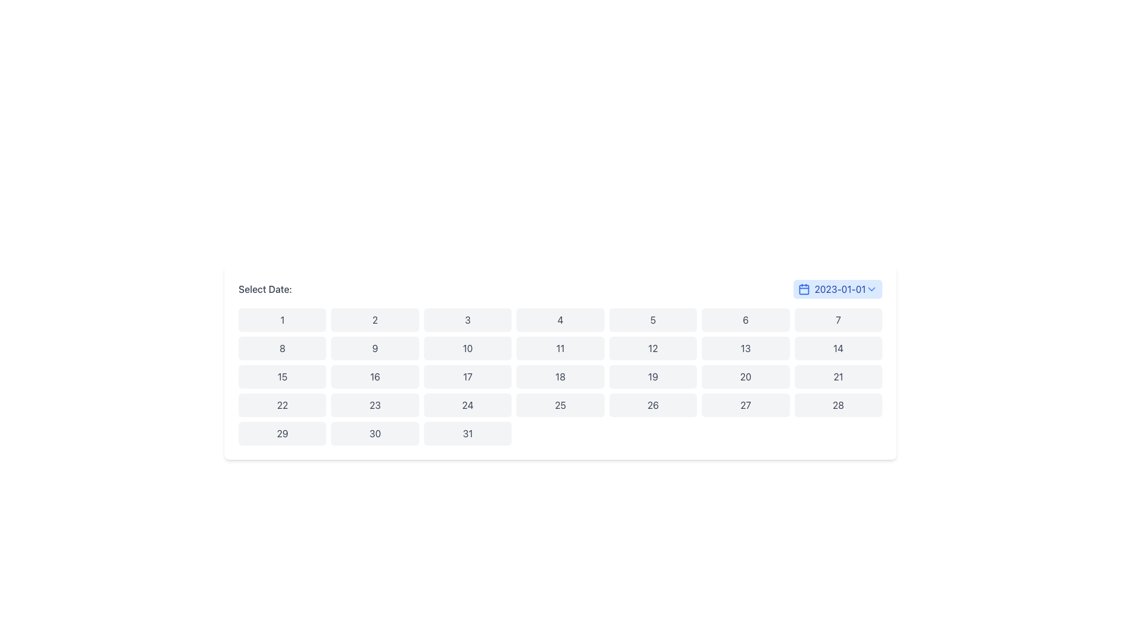 Image resolution: width=1137 pixels, height=639 pixels. I want to click on the third button in the first row of the date selector grid, so click(467, 319).